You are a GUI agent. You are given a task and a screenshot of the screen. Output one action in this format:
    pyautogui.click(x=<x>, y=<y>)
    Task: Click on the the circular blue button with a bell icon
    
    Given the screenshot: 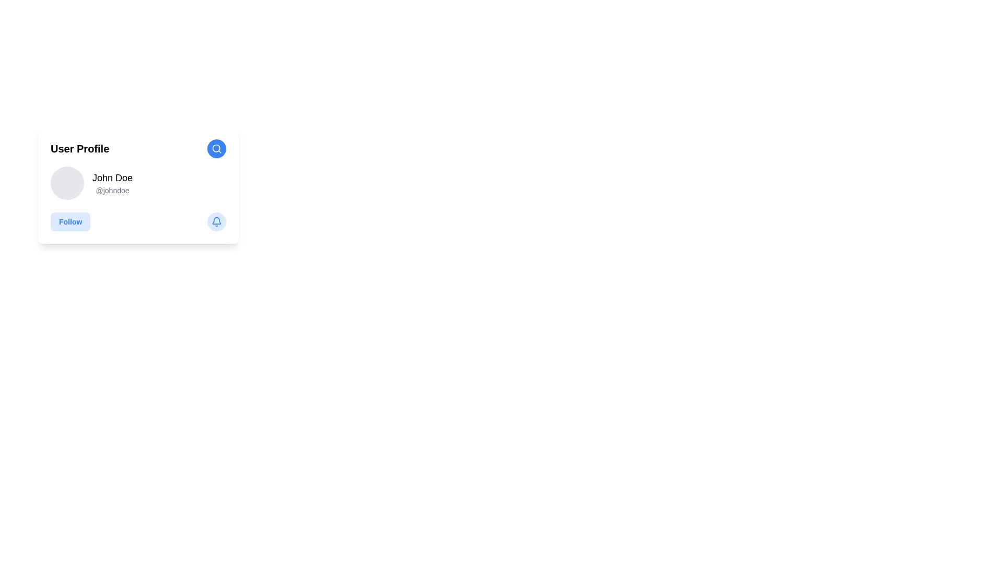 What is the action you would take?
    pyautogui.click(x=216, y=221)
    